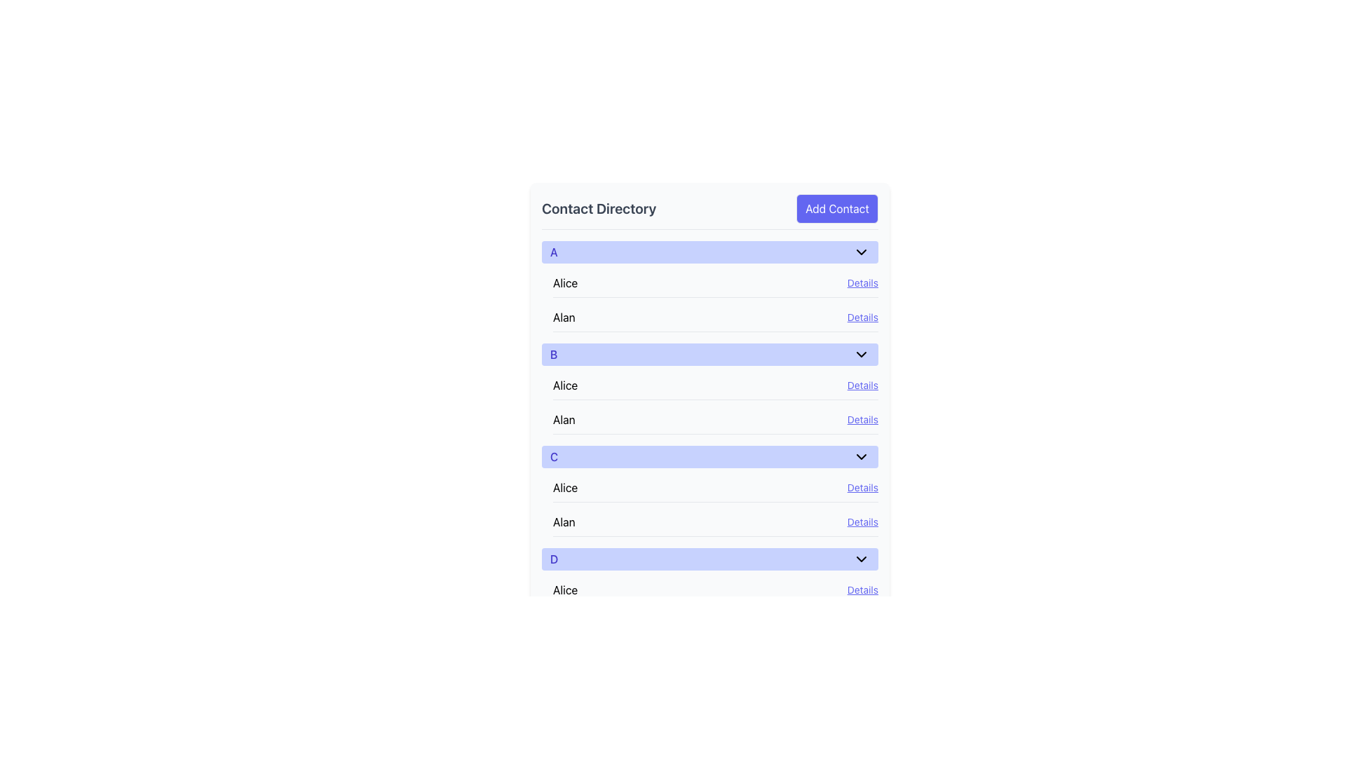  What do you see at coordinates (553, 251) in the screenshot?
I see `the text label displaying the character 'A' in indigo color, located within the header row of the 'Contact Directory' interface, to interact with the section header` at bounding box center [553, 251].